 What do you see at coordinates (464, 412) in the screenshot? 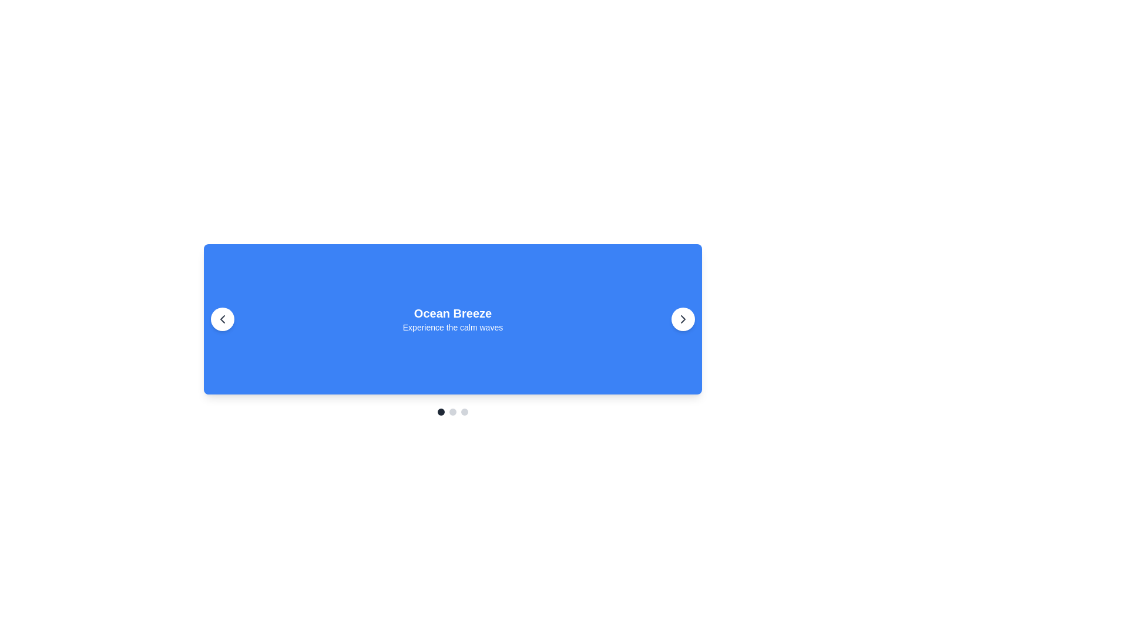
I see `the third Indicator Dot, which is a small light gray circular dot located beneath the blue banner` at bounding box center [464, 412].